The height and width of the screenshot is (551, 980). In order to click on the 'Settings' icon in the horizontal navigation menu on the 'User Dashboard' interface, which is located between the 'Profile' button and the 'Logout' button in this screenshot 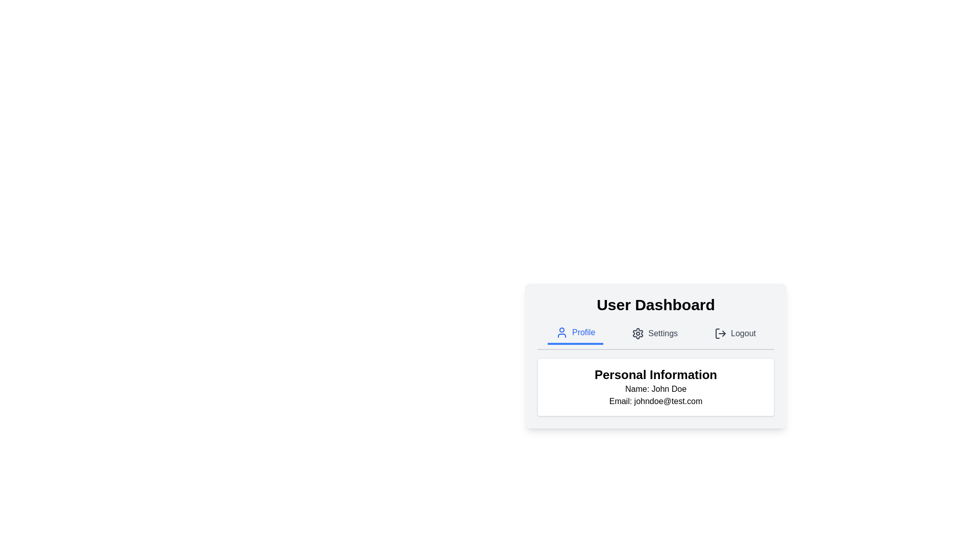, I will do `click(638, 334)`.